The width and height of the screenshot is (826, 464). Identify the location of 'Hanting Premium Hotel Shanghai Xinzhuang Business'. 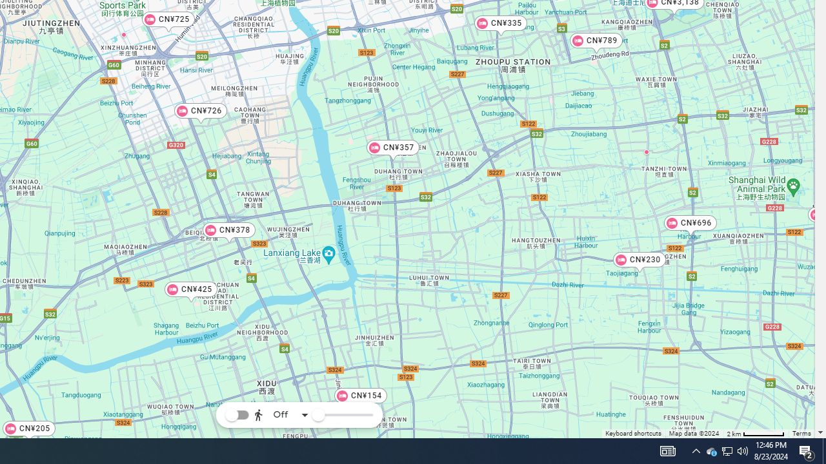
(123, 34).